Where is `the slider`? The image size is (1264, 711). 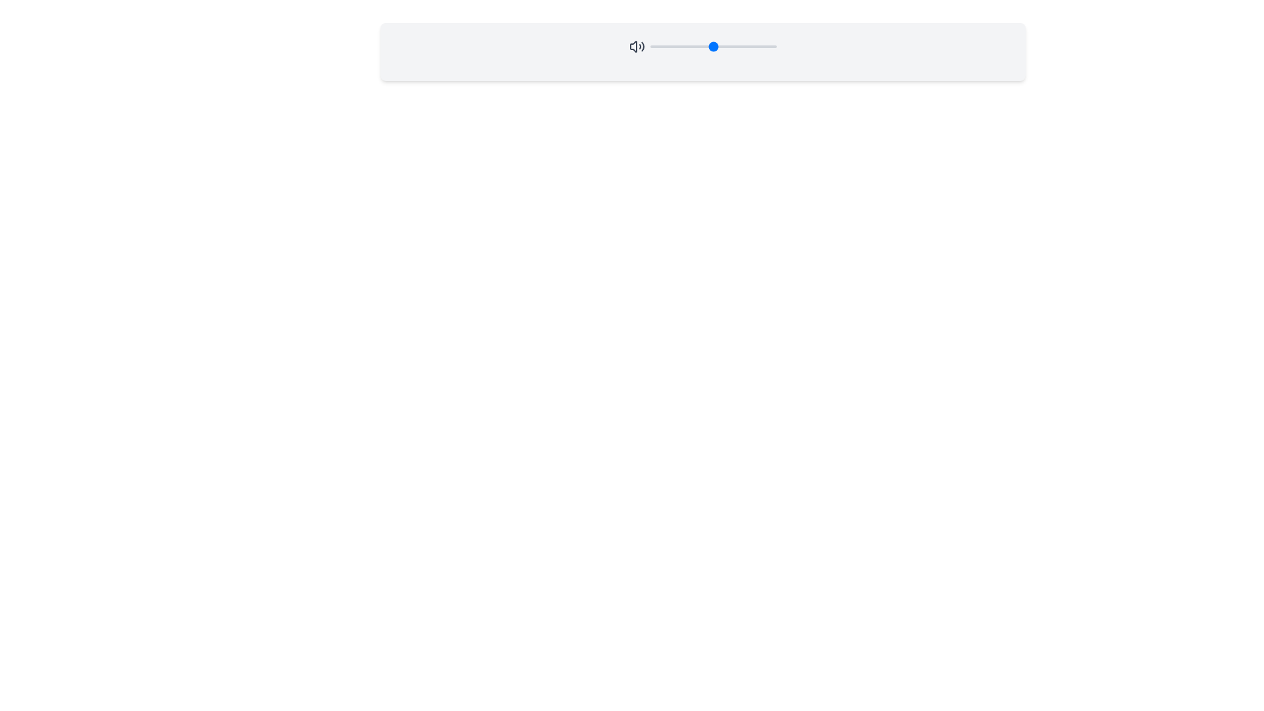 the slider is located at coordinates (769, 45).